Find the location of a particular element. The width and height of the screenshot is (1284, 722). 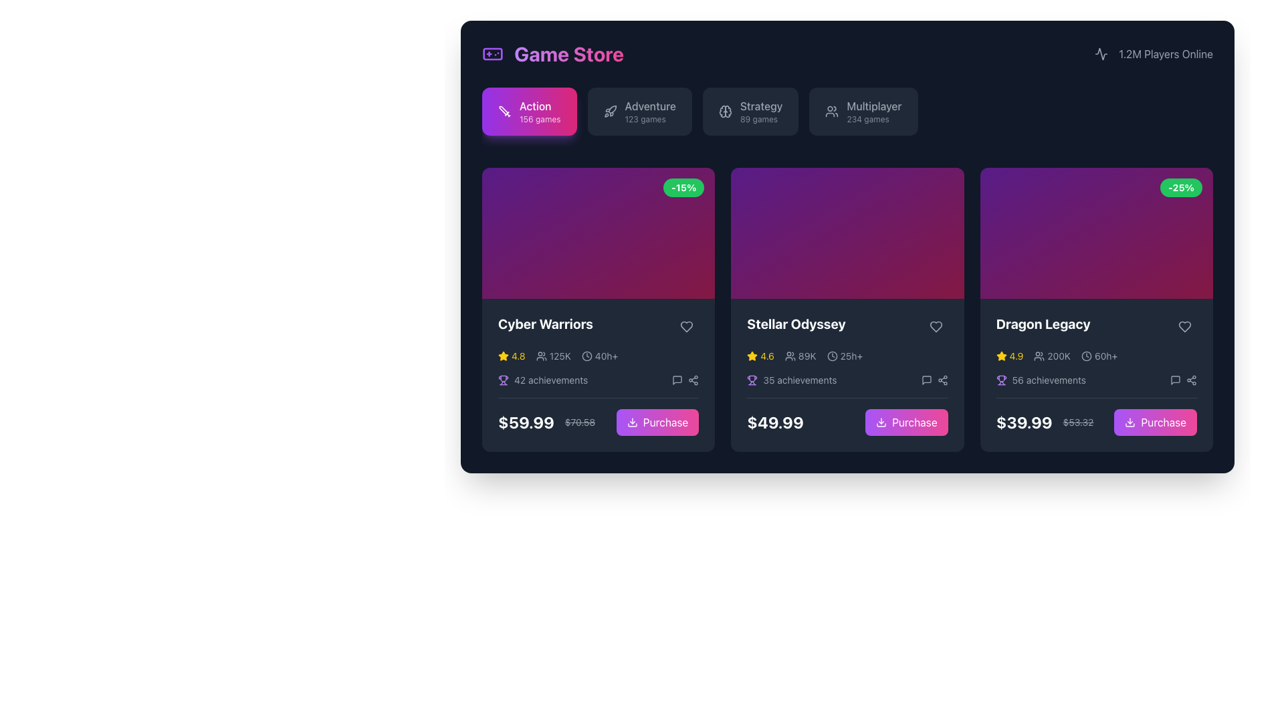

the interactive speech bubble icon located below the 'Dragon Legacy' game title is located at coordinates (1174, 379).